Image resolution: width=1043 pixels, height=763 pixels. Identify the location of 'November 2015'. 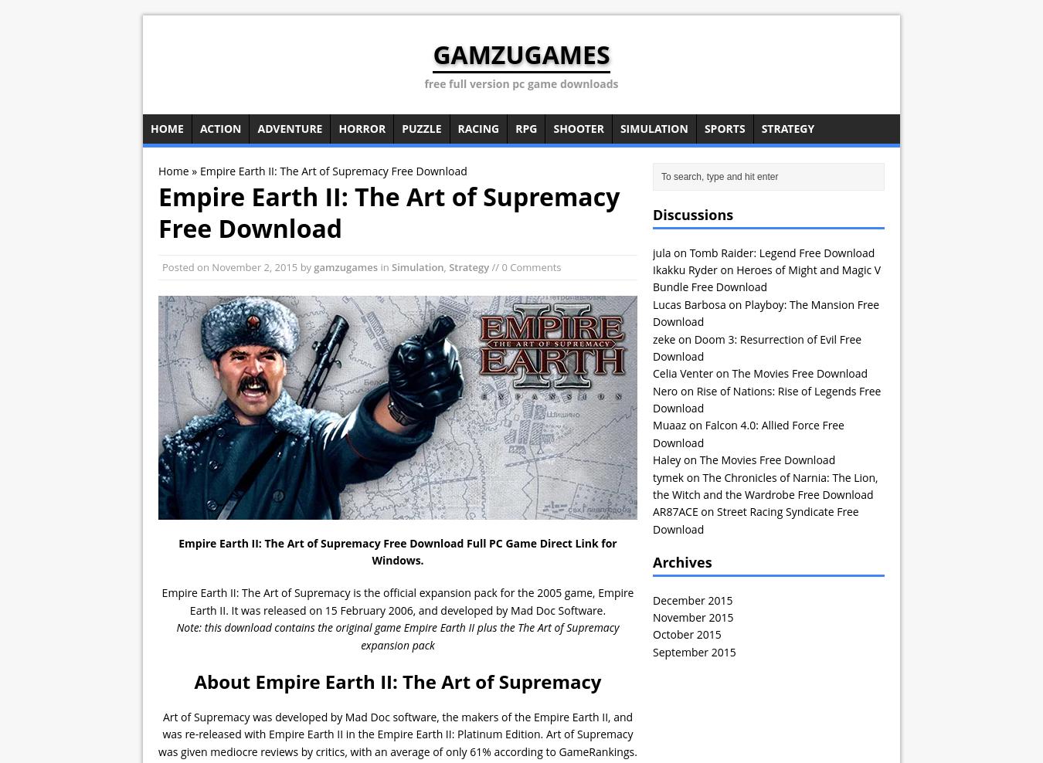
(692, 615).